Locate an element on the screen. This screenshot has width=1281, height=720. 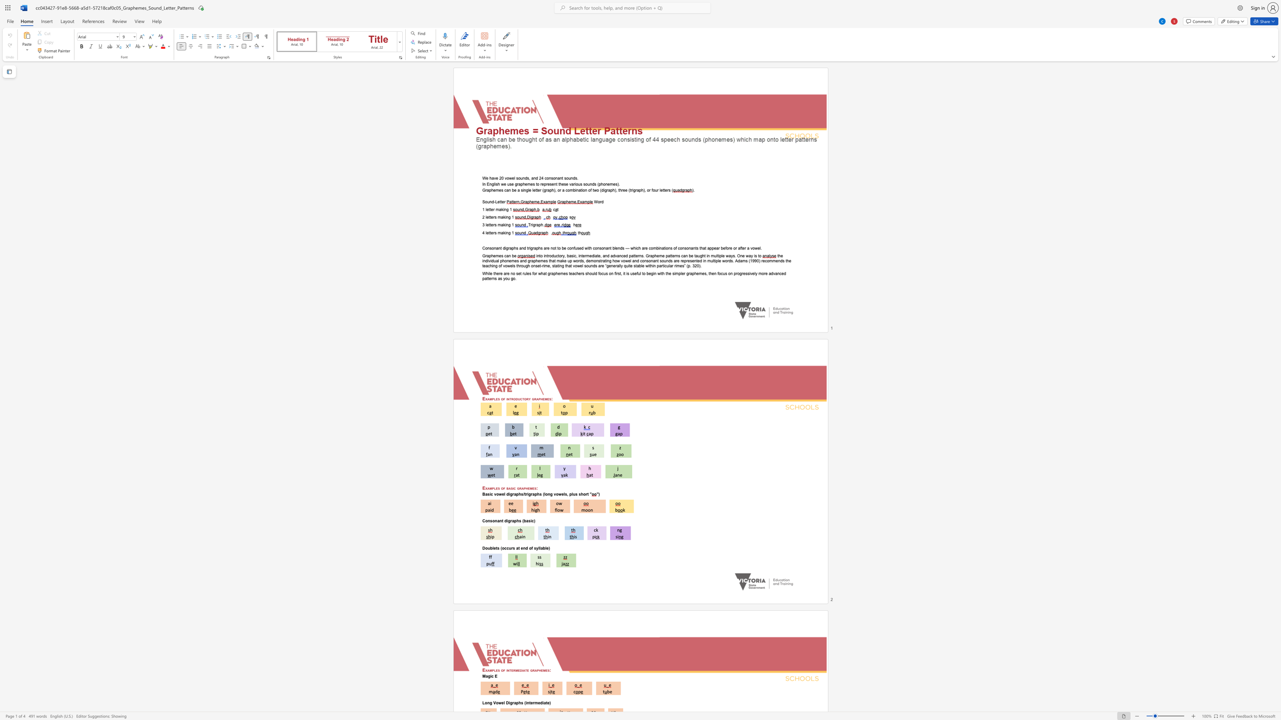
the subset text "le" within the text "Doublets (occurs at end of syllable)" is located at coordinates (545, 548).